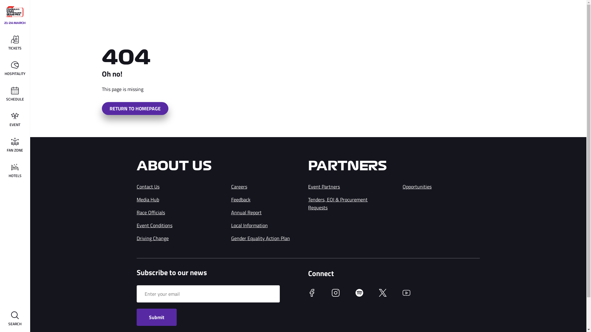  I want to click on 'Driving Change', so click(152, 238).